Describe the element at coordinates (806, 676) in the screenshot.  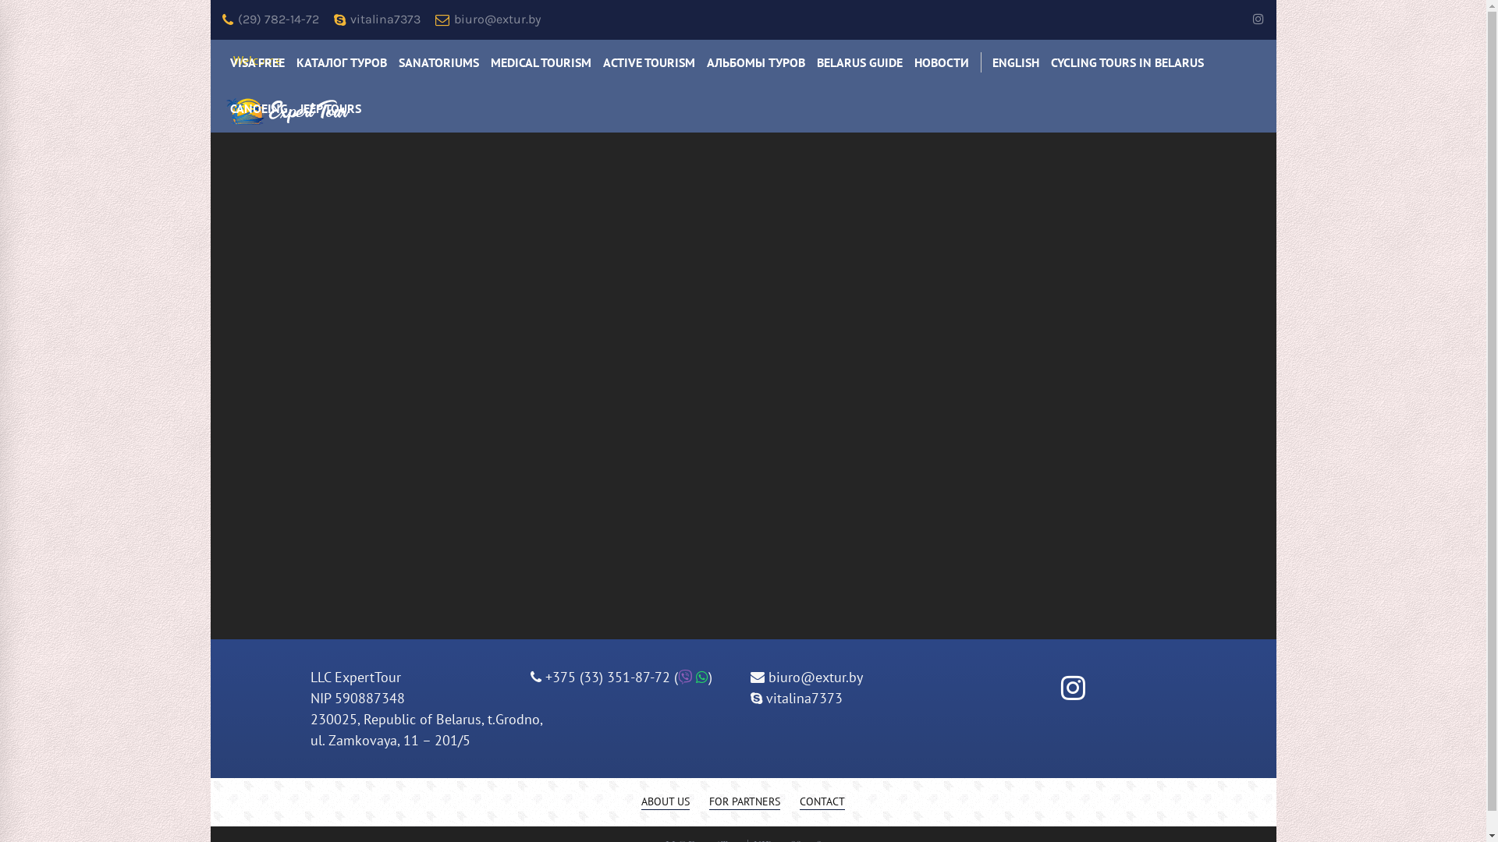
I see `'biuro@extur.by'` at that location.